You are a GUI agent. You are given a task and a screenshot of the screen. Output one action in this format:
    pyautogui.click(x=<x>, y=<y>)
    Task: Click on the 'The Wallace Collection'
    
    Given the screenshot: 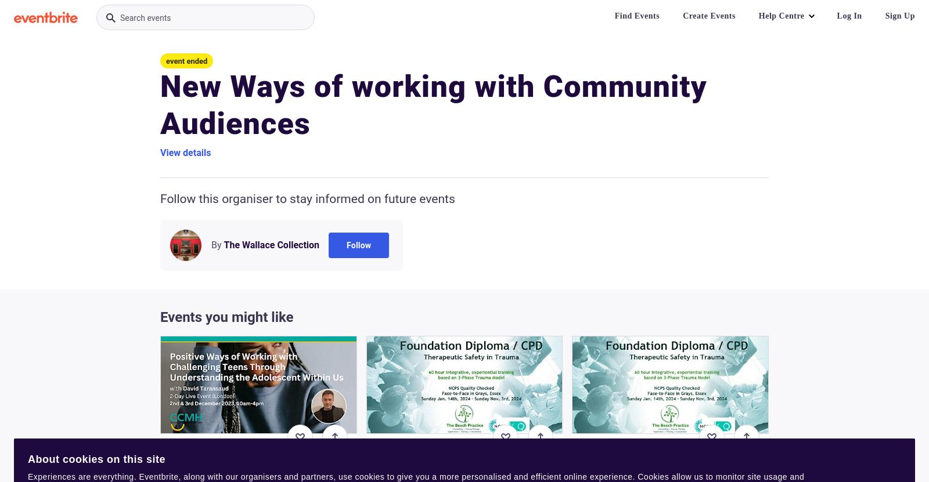 What is the action you would take?
    pyautogui.click(x=271, y=244)
    